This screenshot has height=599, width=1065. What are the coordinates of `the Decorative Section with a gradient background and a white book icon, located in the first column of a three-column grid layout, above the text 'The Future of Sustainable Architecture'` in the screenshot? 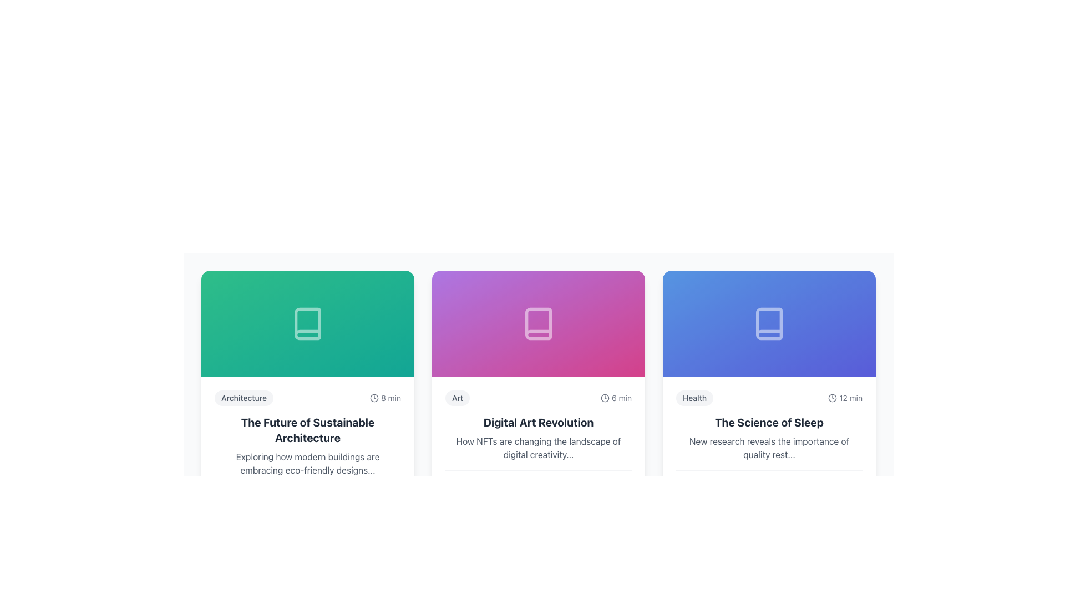 It's located at (308, 323).